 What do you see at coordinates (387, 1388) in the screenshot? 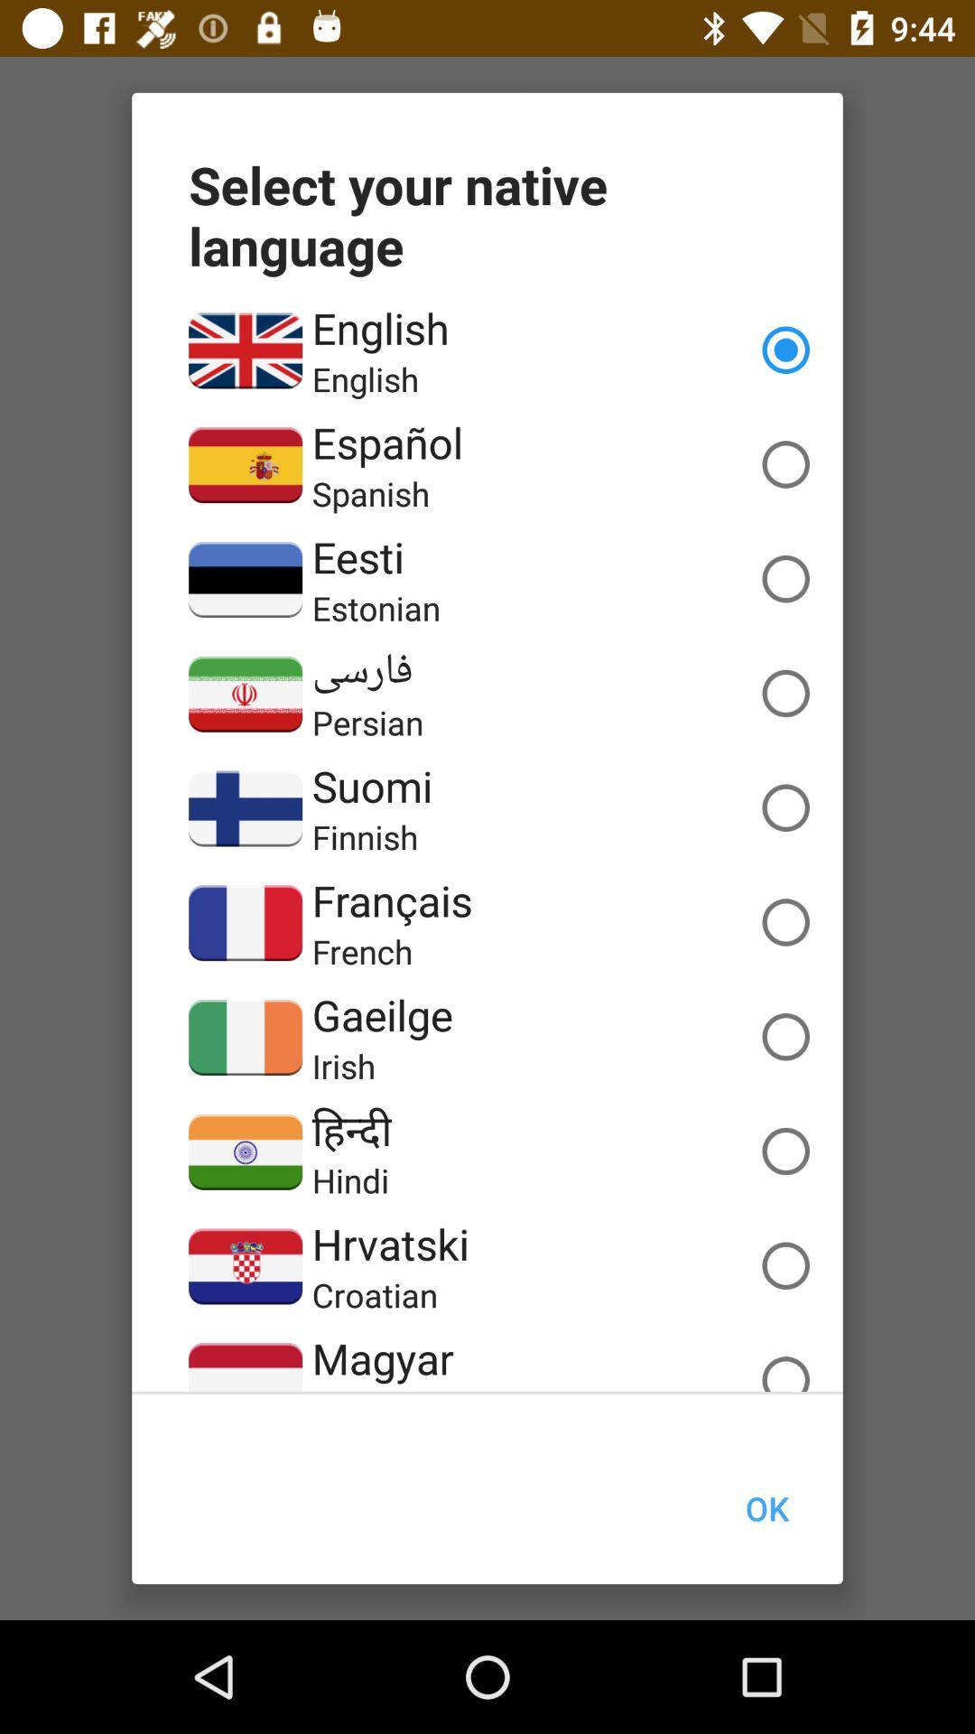
I see `hungarian app` at bounding box center [387, 1388].